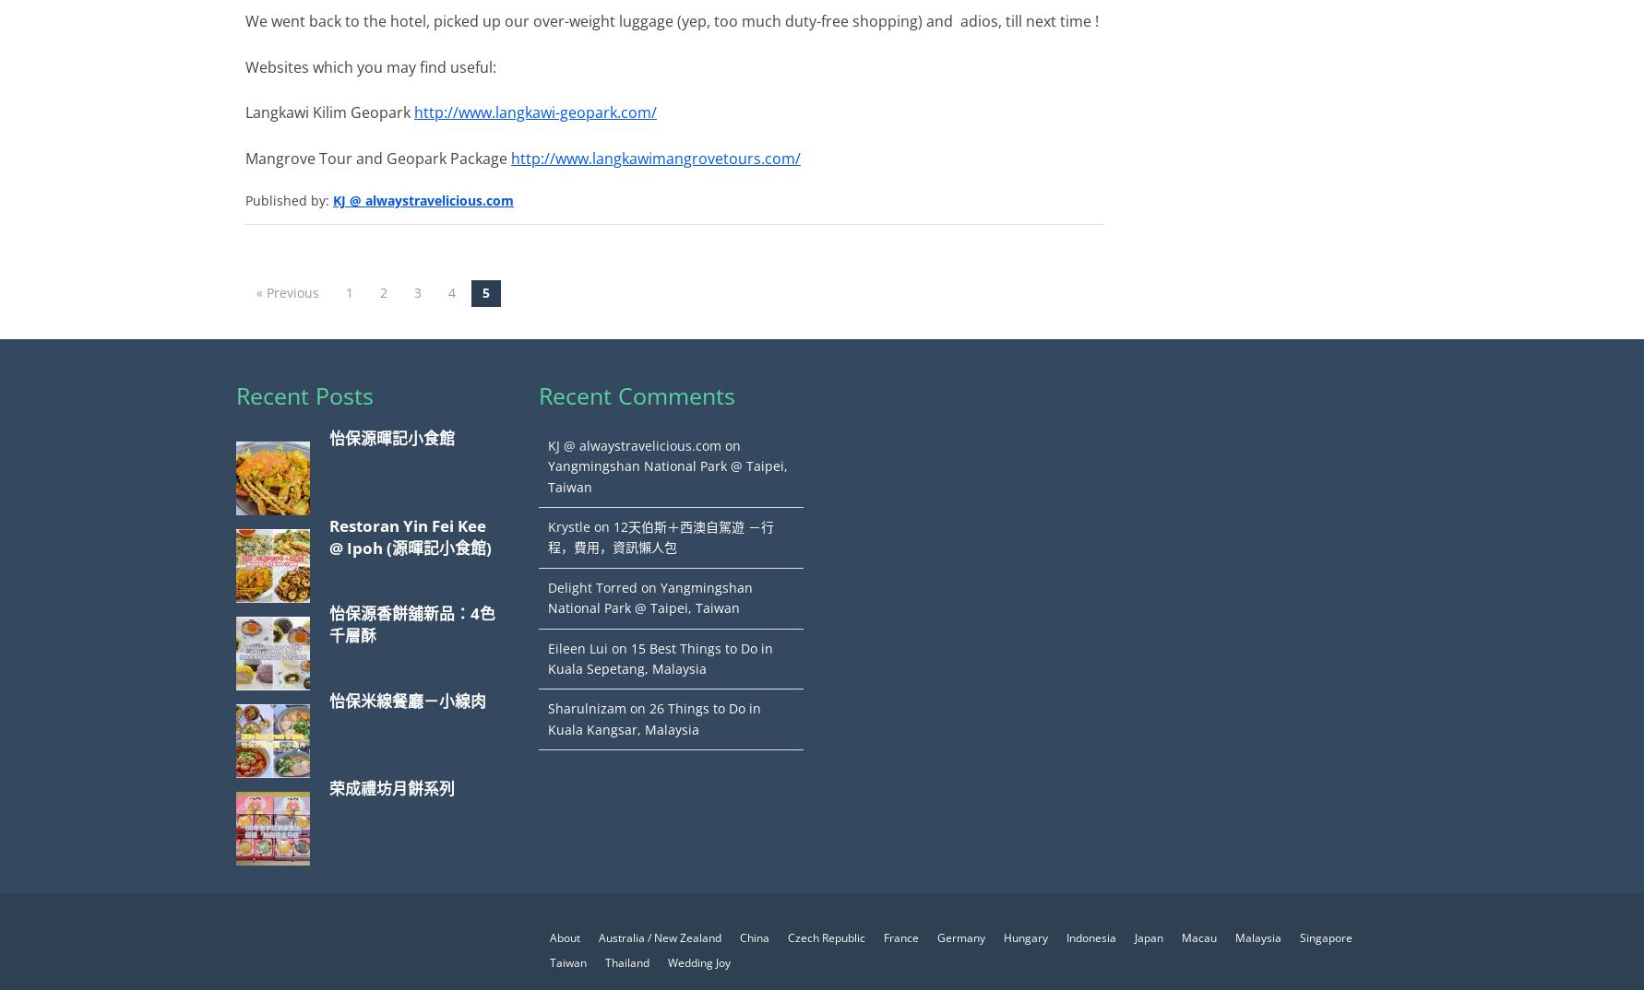 This screenshot has height=990, width=1644. Describe the element at coordinates (371, 65) in the screenshot. I see `'Websites which you may find useful:'` at that location.